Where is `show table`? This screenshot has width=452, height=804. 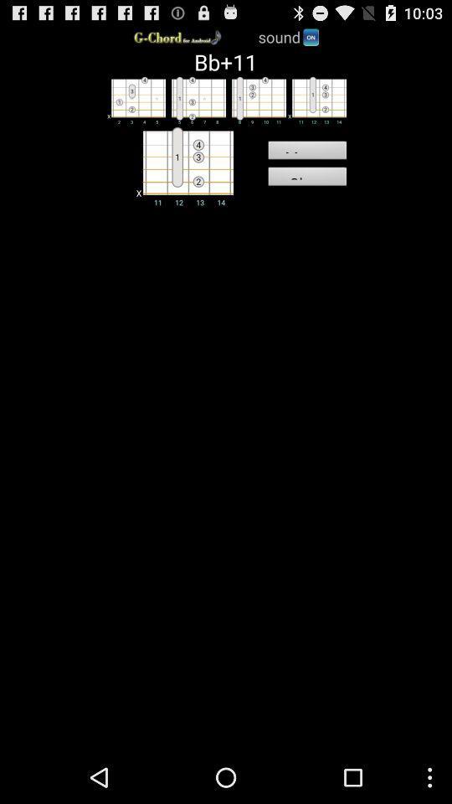 show table is located at coordinates (135, 100).